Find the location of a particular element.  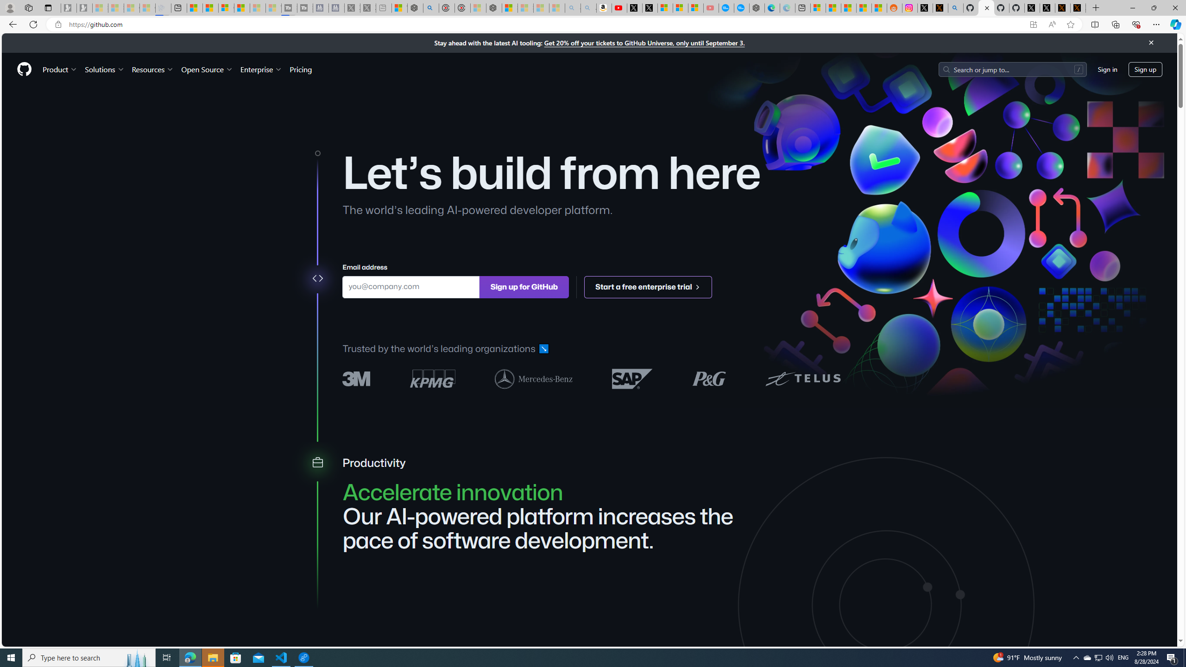

'Profile / X' is located at coordinates (1032, 7).